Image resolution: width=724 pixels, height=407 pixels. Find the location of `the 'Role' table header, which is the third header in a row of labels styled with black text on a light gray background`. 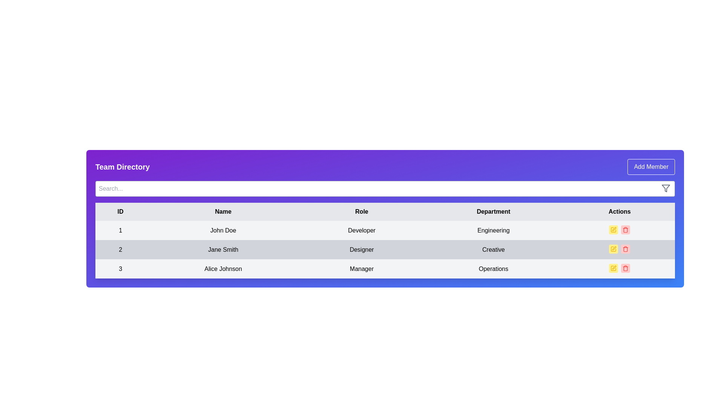

the 'Role' table header, which is the third header in a row of labels styled with black text on a light gray background is located at coordinates (361, 212).